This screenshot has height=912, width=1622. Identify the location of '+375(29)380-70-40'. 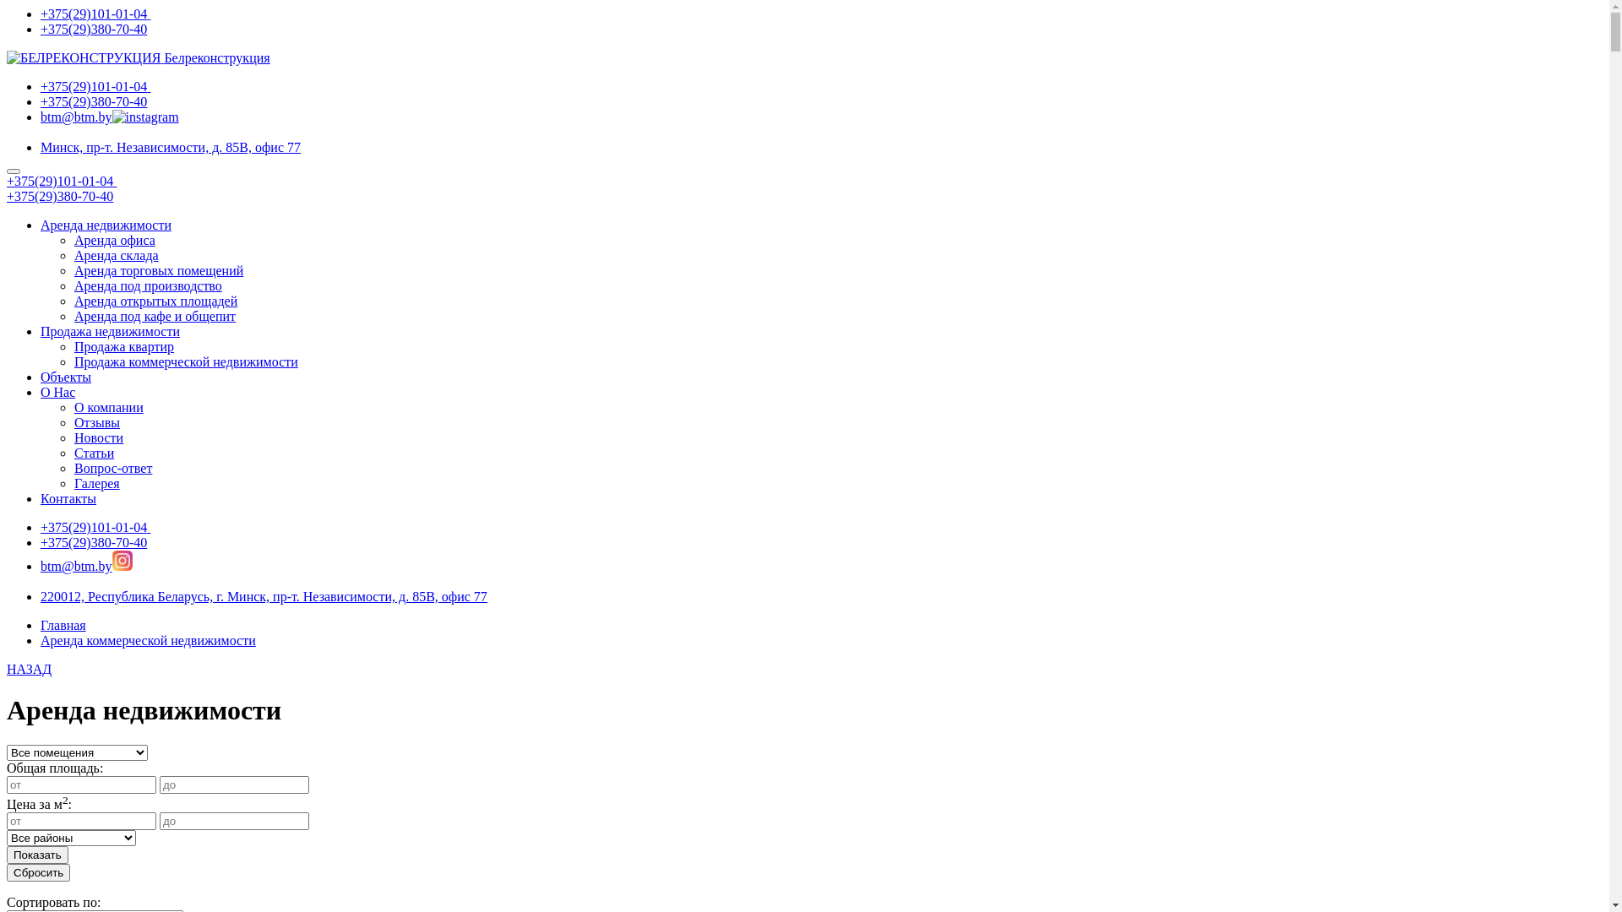
(41, 29).